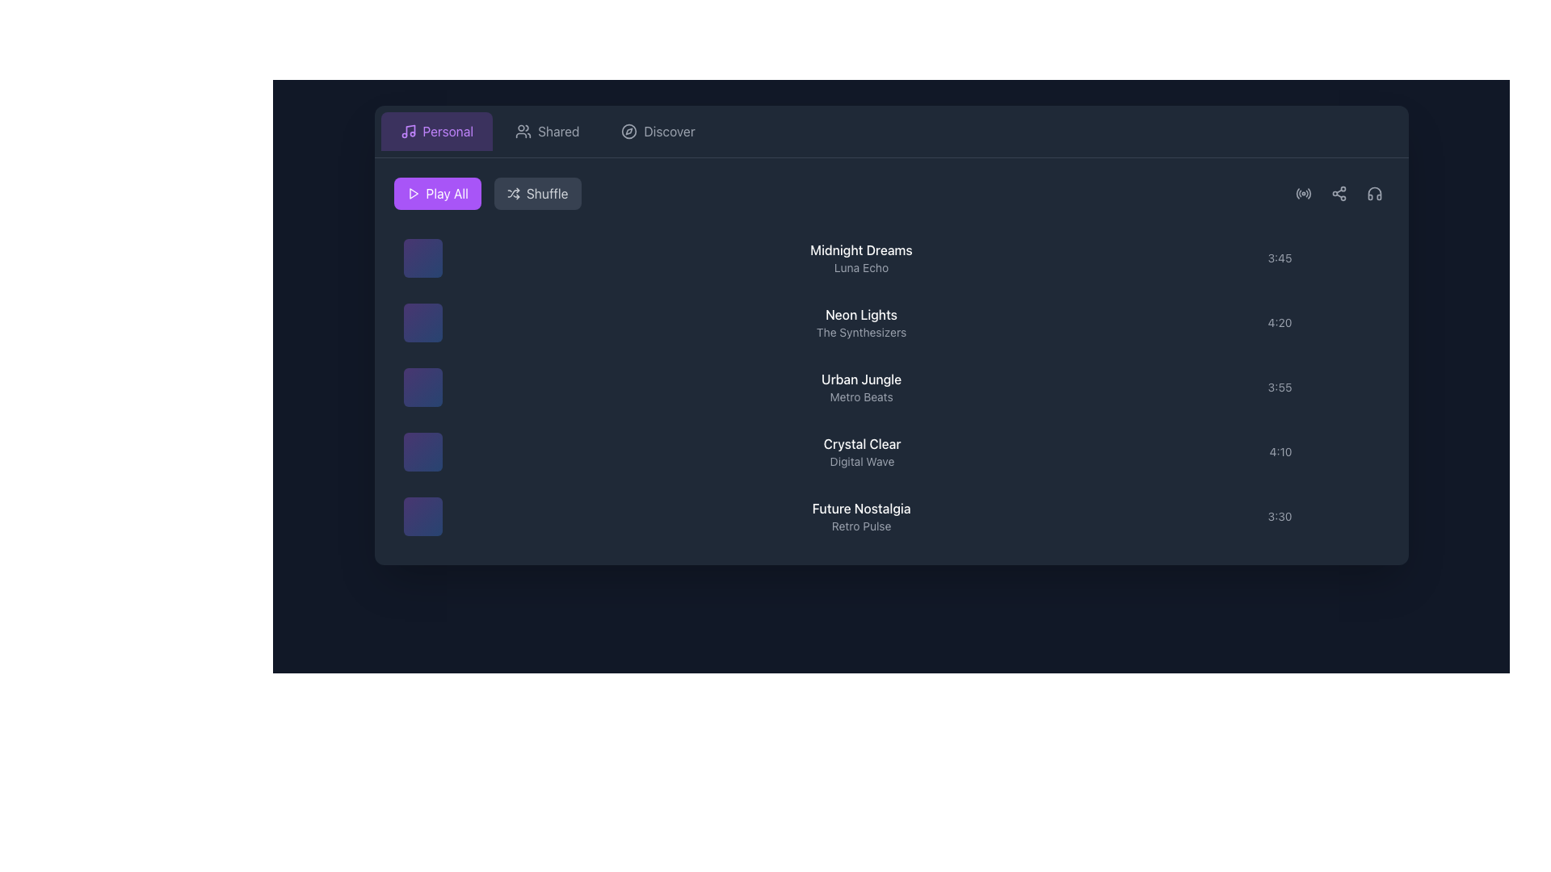  Describe the element at coordinates (1280, 451) in the screenshot. I see `the text label displaying the duration '4:10', which is styled with a smaller font size and gray color, located at the bottom segment of the list entry titled 'Crystal Clear'` at that location.